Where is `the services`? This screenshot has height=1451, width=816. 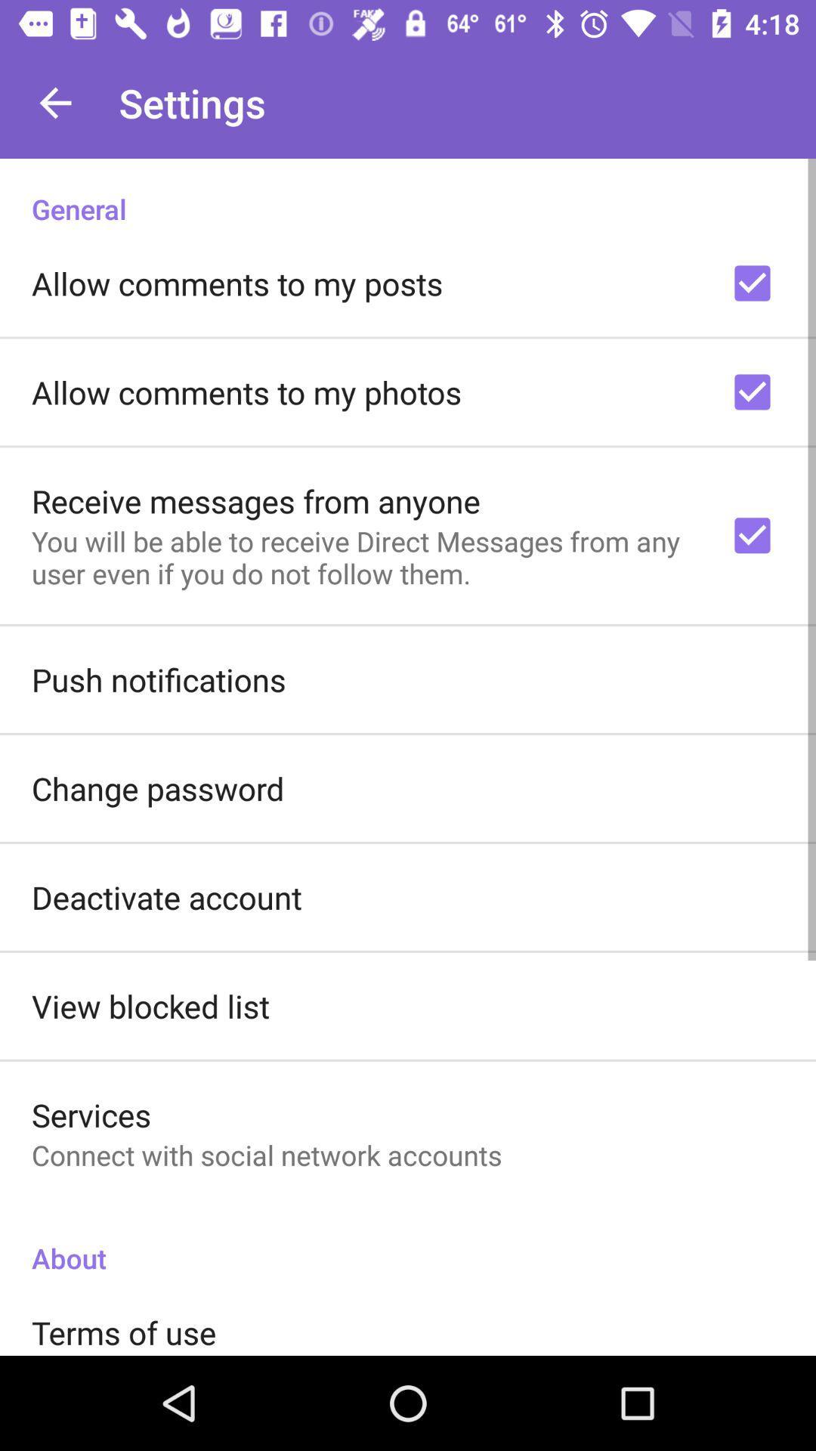
the services is located at coordinates (91, 1115).